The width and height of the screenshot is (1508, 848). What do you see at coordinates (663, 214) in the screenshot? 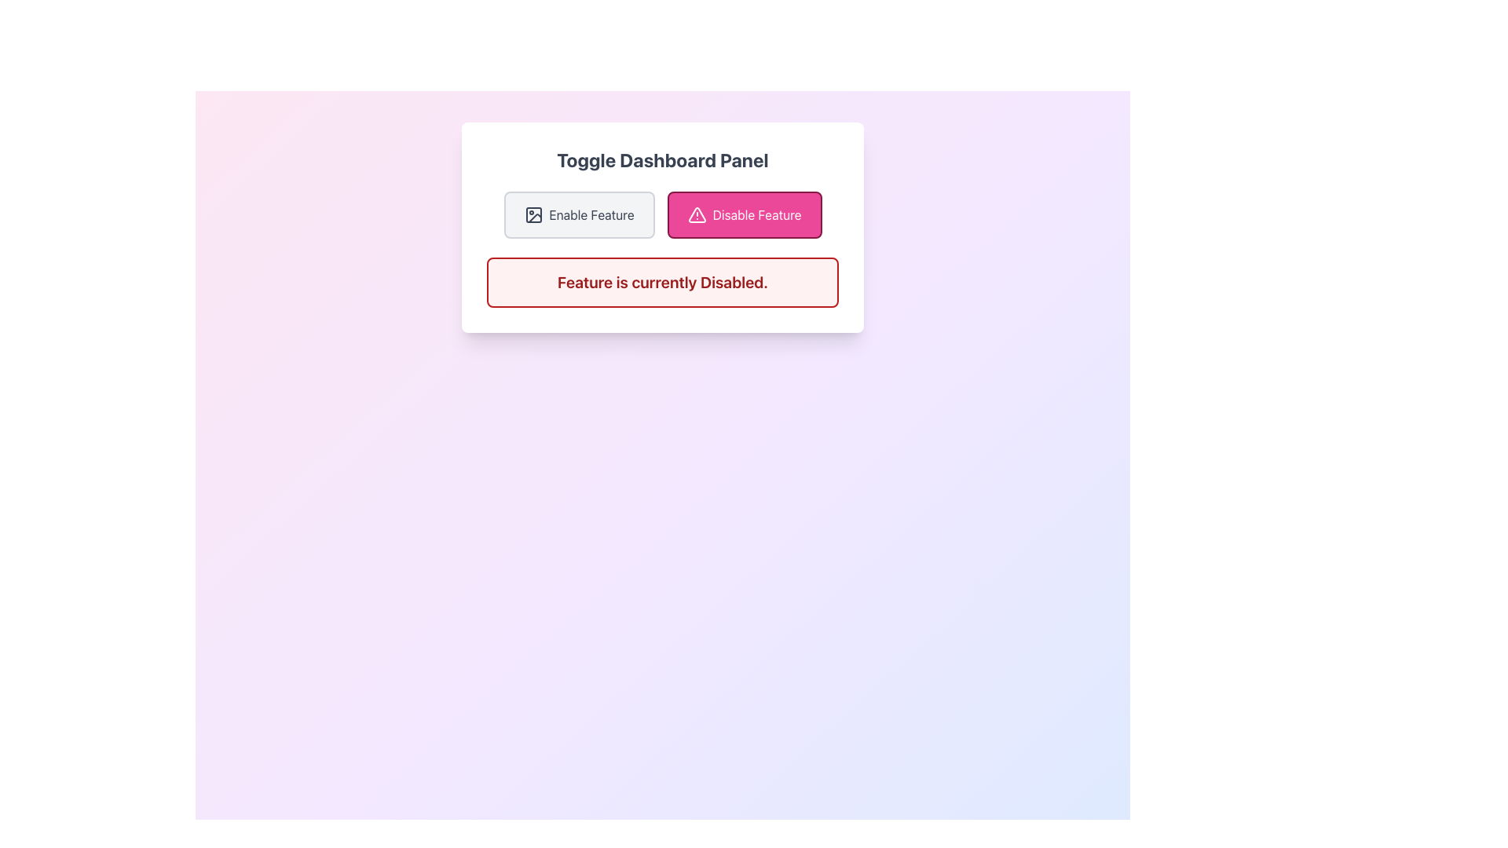
I see `the 'Disable Feature' button, which is part of the horizontally aligned Button Group inside the 'Toggle Dashboard Panel'` at bounding box center [663, 214].